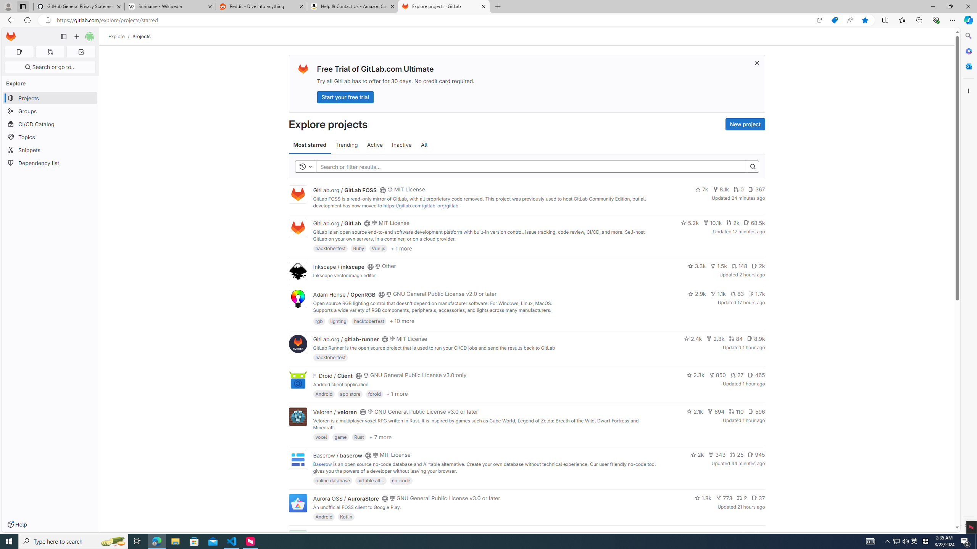 This screenshot has width=977, height=549. I want to click on 'Projects', so click(141, 36).